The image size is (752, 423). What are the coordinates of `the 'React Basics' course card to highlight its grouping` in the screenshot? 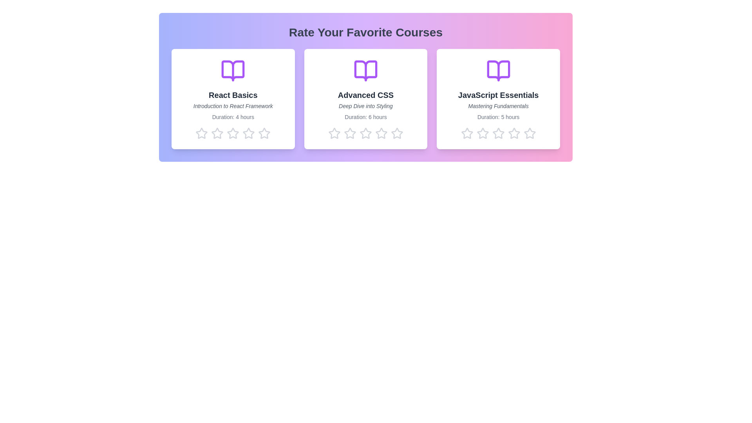 It's located at (233, 99).